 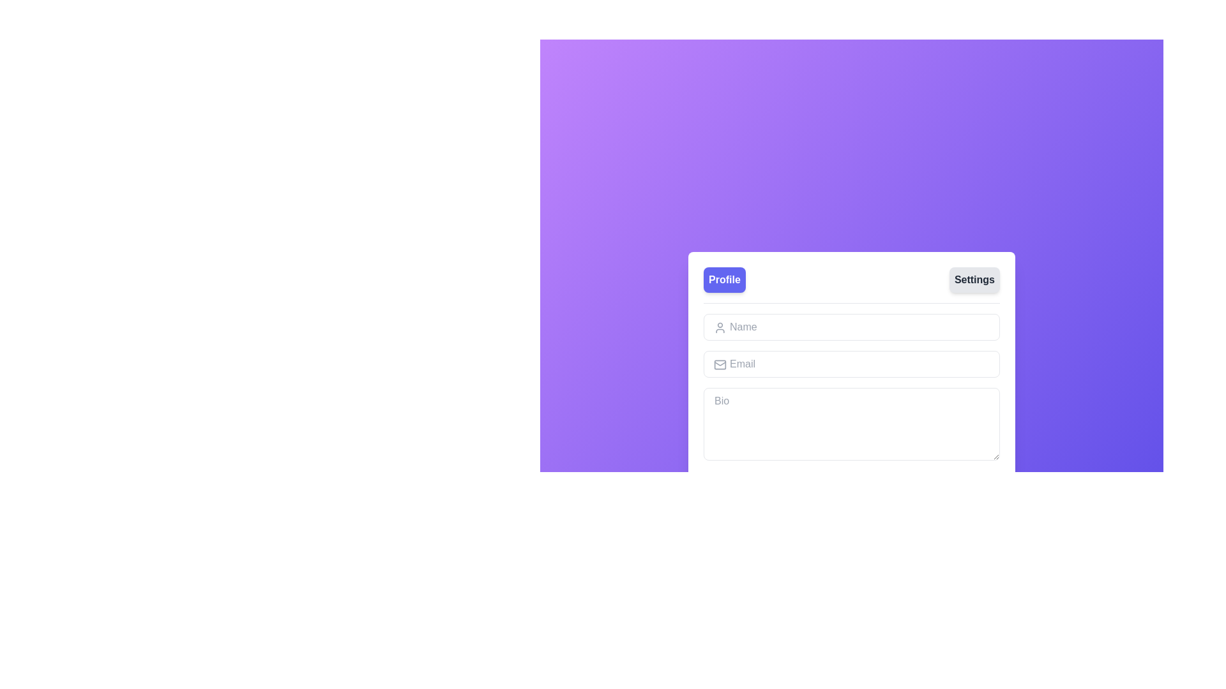 I want to click on the vibrant indigo 'Profile' button with bold white text, so click(x=723, y=279).